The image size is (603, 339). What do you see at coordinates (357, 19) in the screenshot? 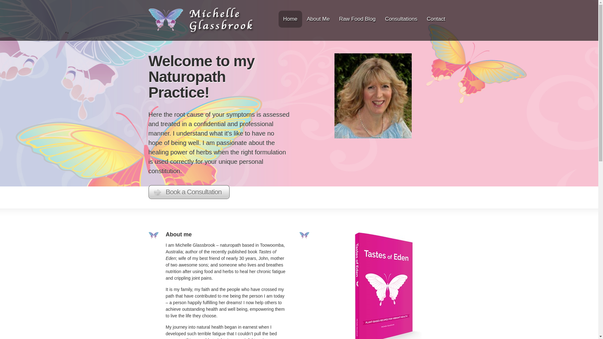
I see `'Raw Food Blog'` at bounding box center [357, 19].